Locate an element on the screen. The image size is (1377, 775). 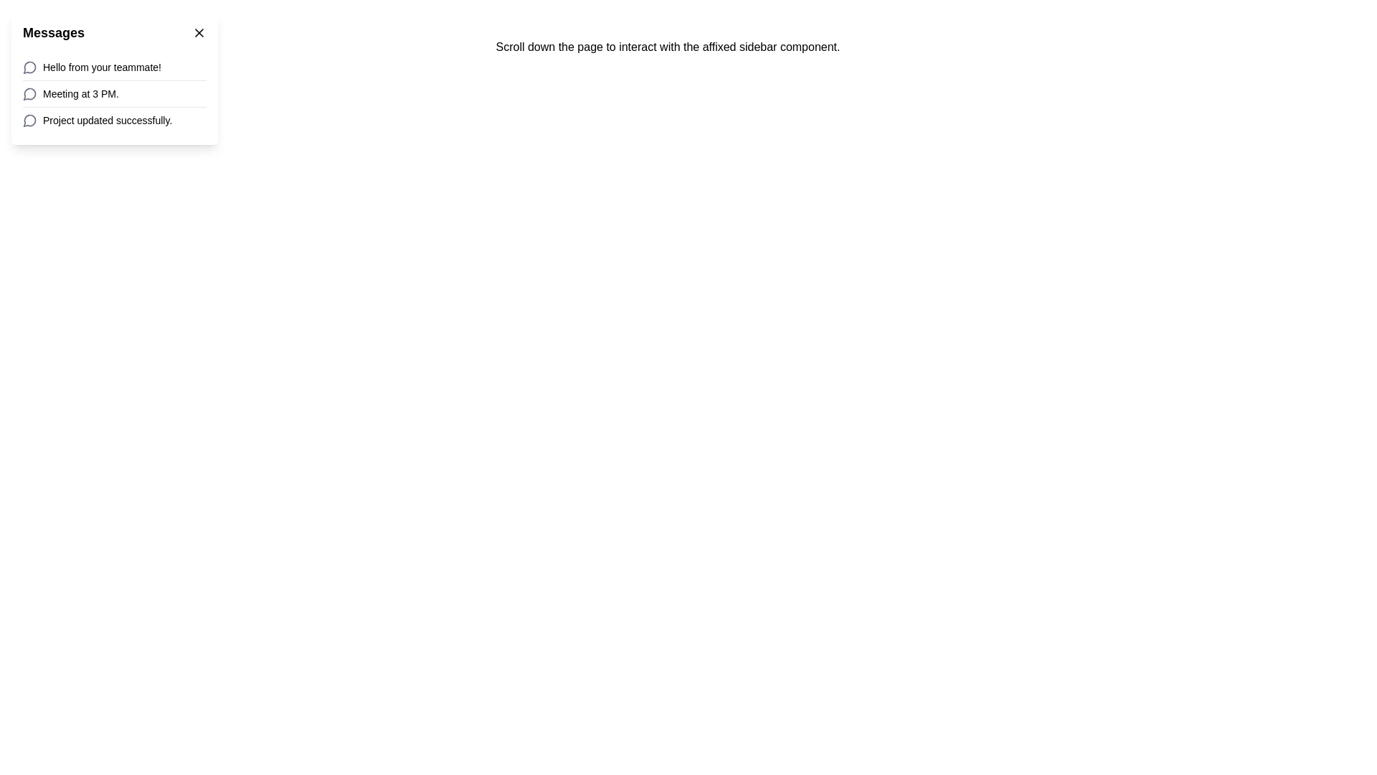
the text snippet that says 'Hello from your teammate!' located in the sidebar beneath the 'Messages' title is located at coordinates (101, 67).